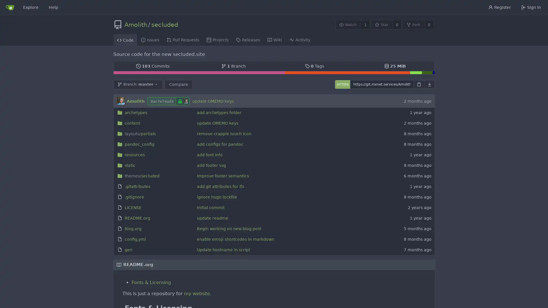 This screenshot has width=548, height=308. Describe the element at coordinates (342, 84) in the screenshot. I see `HTTPS` at that location.